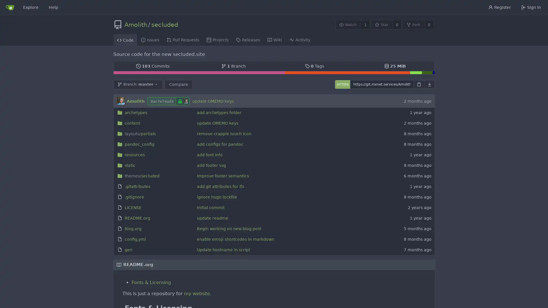 This screenshot has width=548, height=308. Describe the element at coordinates (342, 84) in the screenshot. I see `HTTPS` at that location.